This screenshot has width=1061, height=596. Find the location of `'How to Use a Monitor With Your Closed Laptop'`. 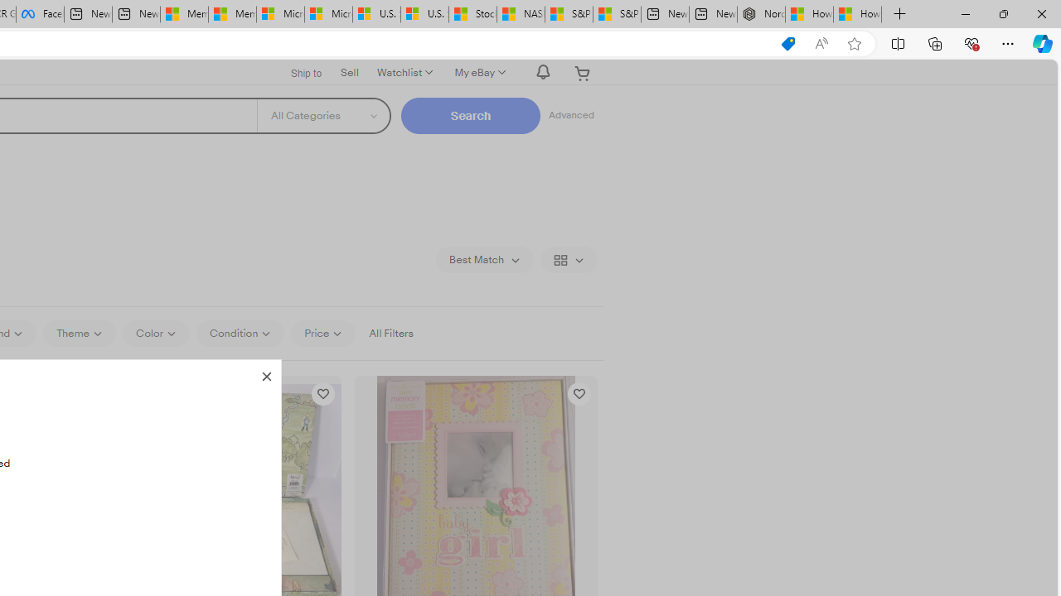

'How to Use a Monitor With Your Closed Laptop' is located at coordinates (857, 14).